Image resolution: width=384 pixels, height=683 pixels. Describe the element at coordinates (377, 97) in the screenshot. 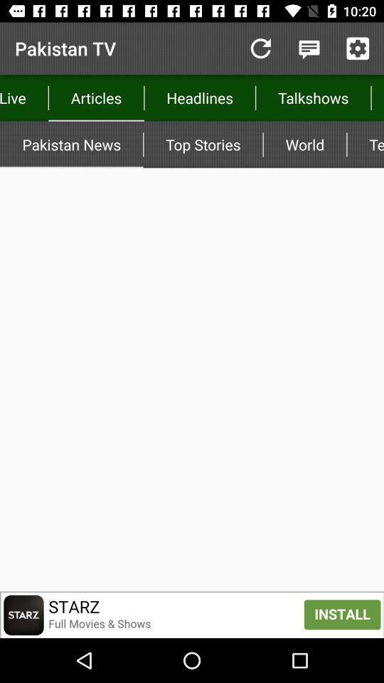

I see `the icon to the right of talkshows item` at that location.